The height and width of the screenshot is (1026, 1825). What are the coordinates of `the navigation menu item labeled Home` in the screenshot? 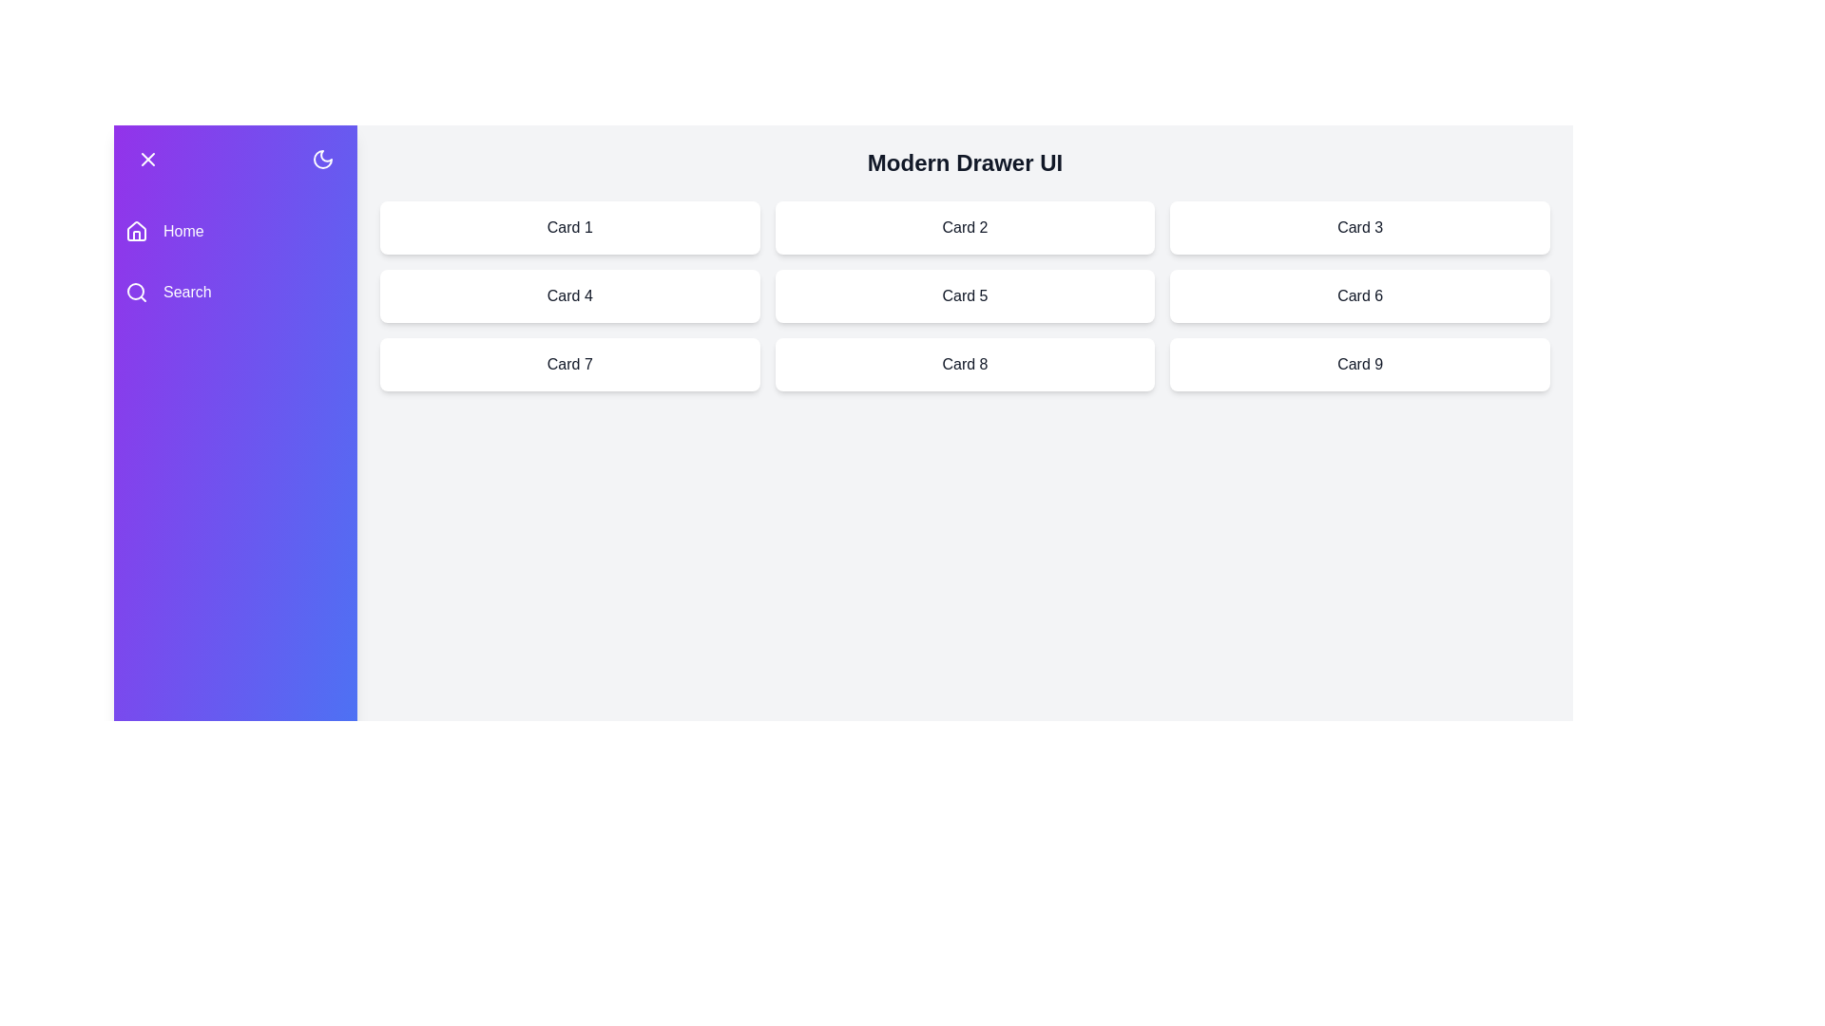 It's located at (235, 230).